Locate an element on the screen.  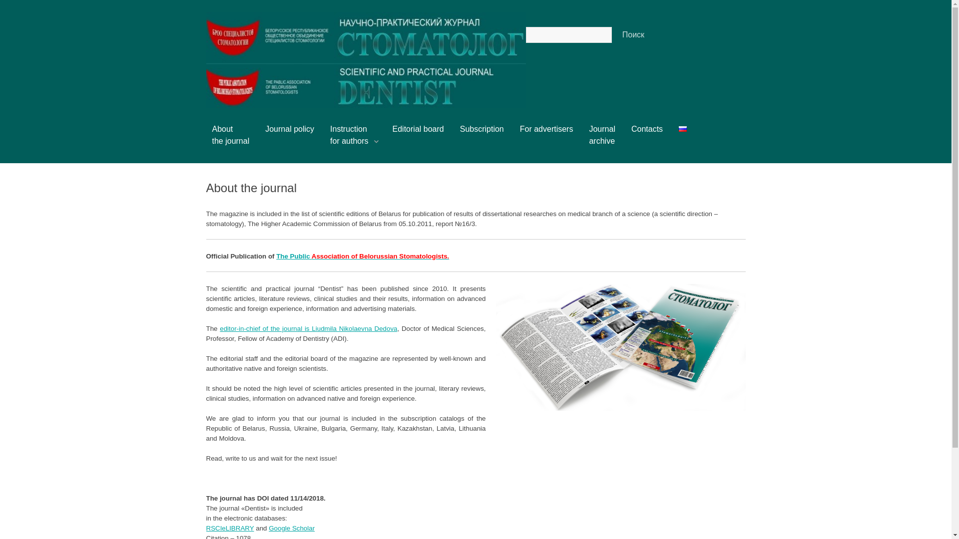
'Instruction is located at coordinates (353, 139).